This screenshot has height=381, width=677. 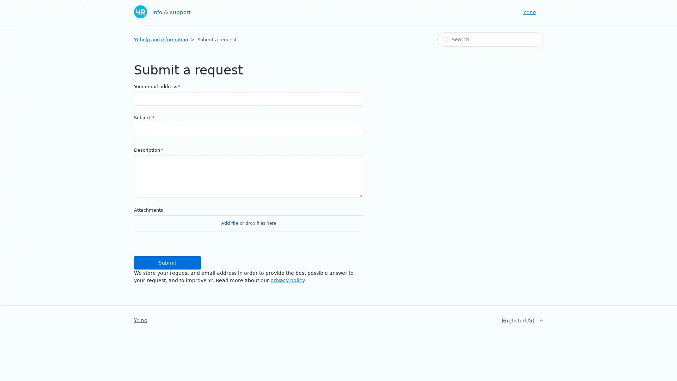 What do you see at coordinates (167, 262) in the screenshot?
I see `Submit` at bounding box center [167, 262].